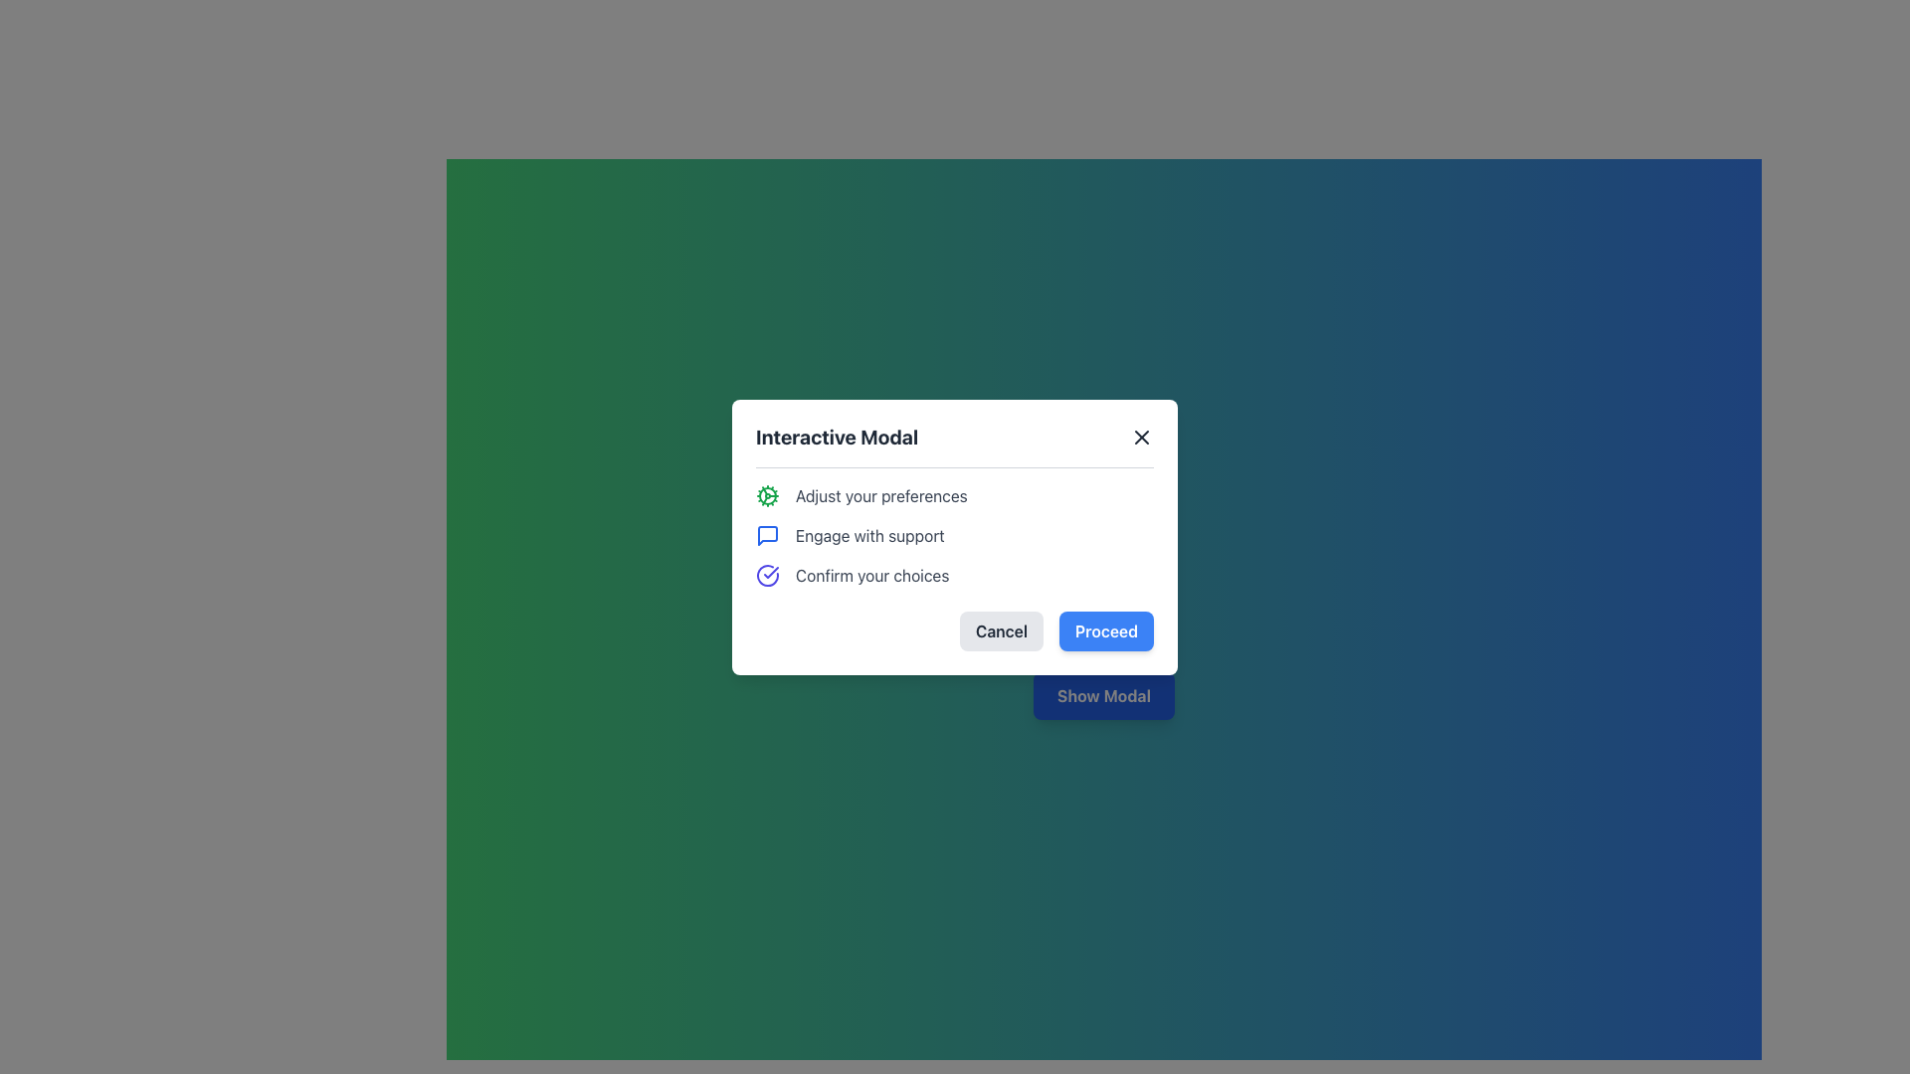 This screenshot has height=1074, width=1910. I want to click on the text label displaying 'Confirm your choices' within the modal dialog box, which is the third item in a vertical sequence of options, so click(872, 575).